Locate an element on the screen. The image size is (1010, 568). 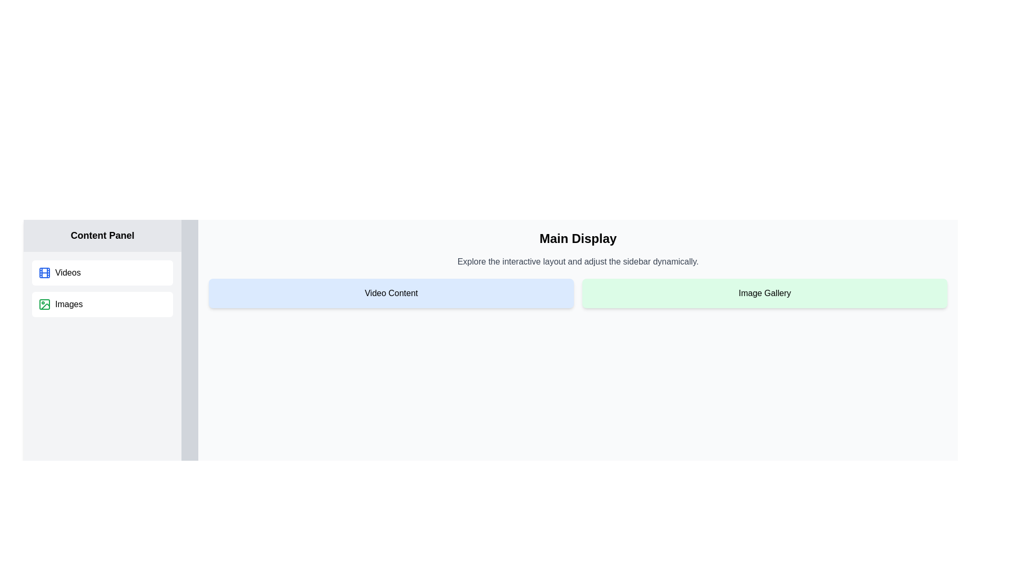
the 'Video Content' label or informational box, which is the leftmost element in the two-column grid layout adjacent to the 'Image Gallery' is located at coordinates (391, 293).